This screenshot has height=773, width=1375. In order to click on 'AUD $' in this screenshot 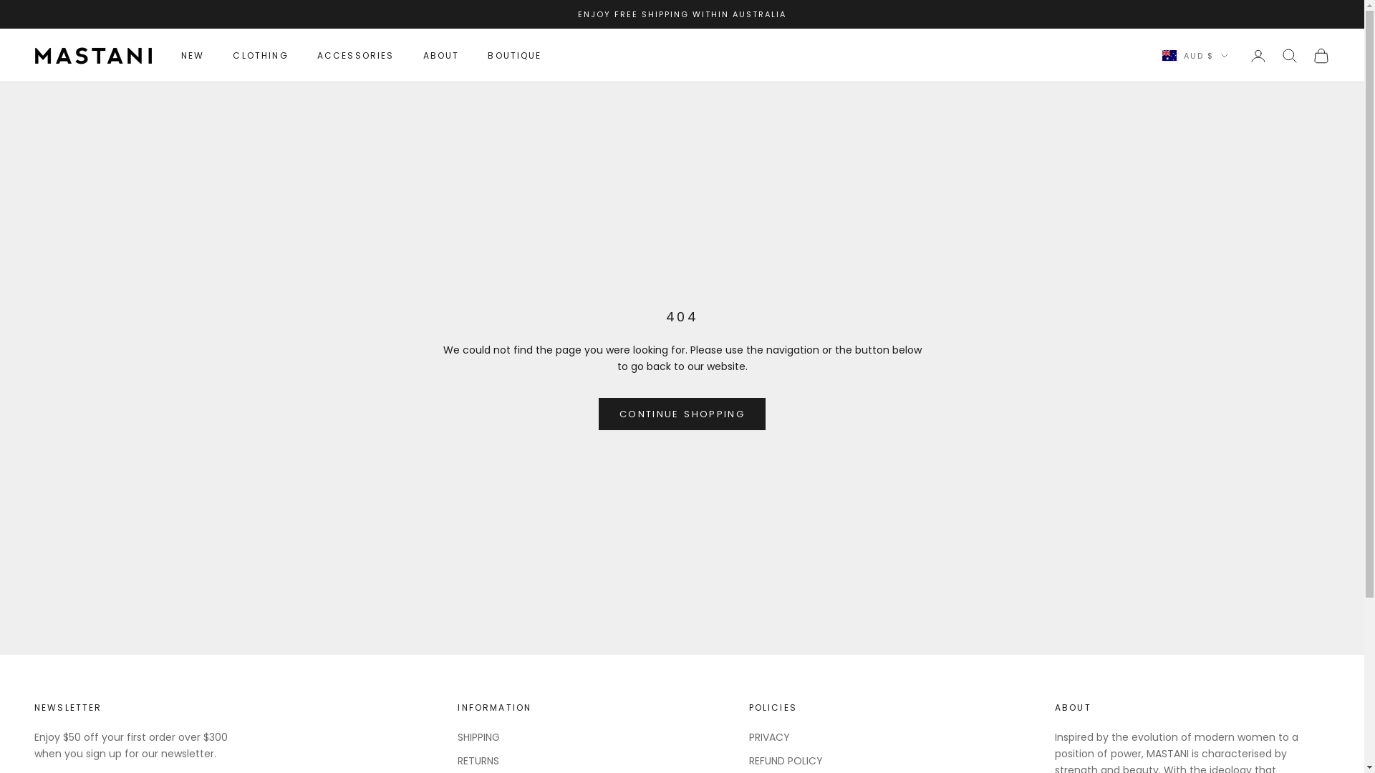, I will do `click(1195, 54)`.